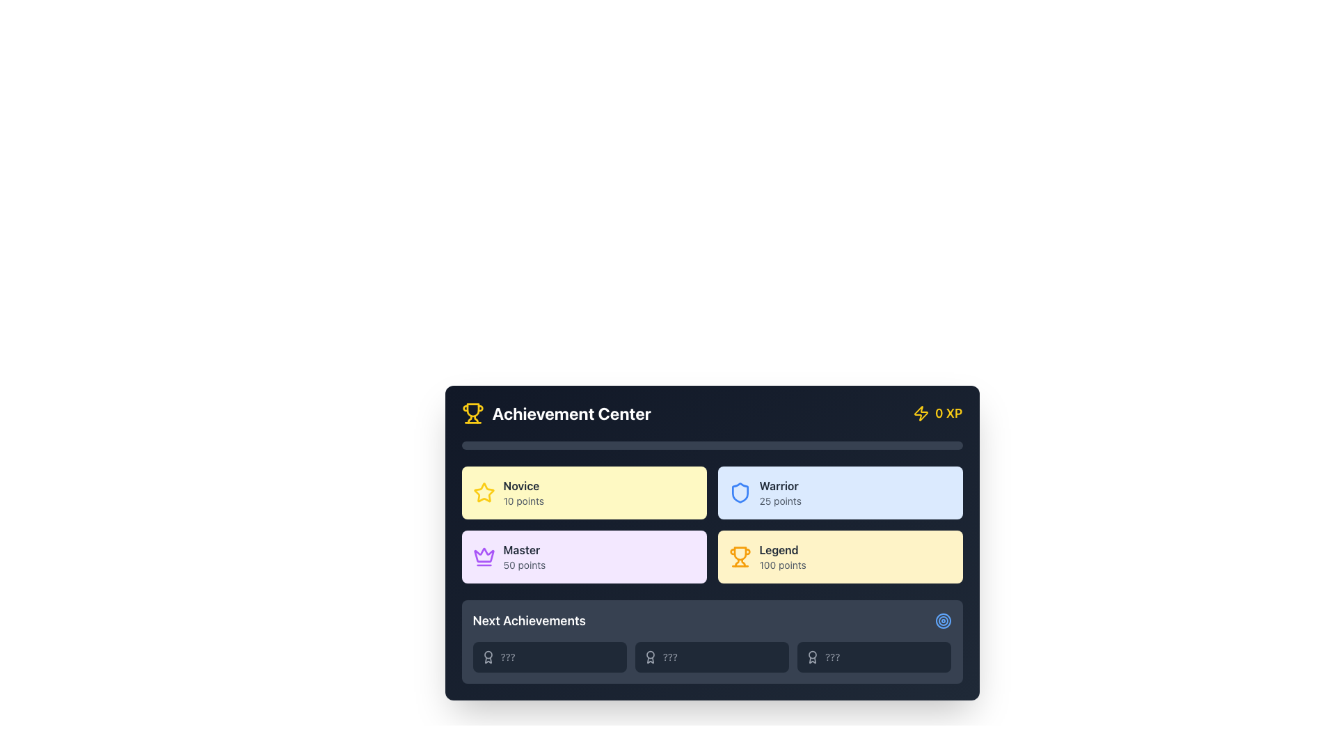 This screenshot has height=752, width=1336. Describe the element at coordinates (783, 565) in the screenshot. I see `the text label displaying '100 points', which is styled plainly in gray color and located below the 'Legend' text in the 'Achievement Center'` at that location.